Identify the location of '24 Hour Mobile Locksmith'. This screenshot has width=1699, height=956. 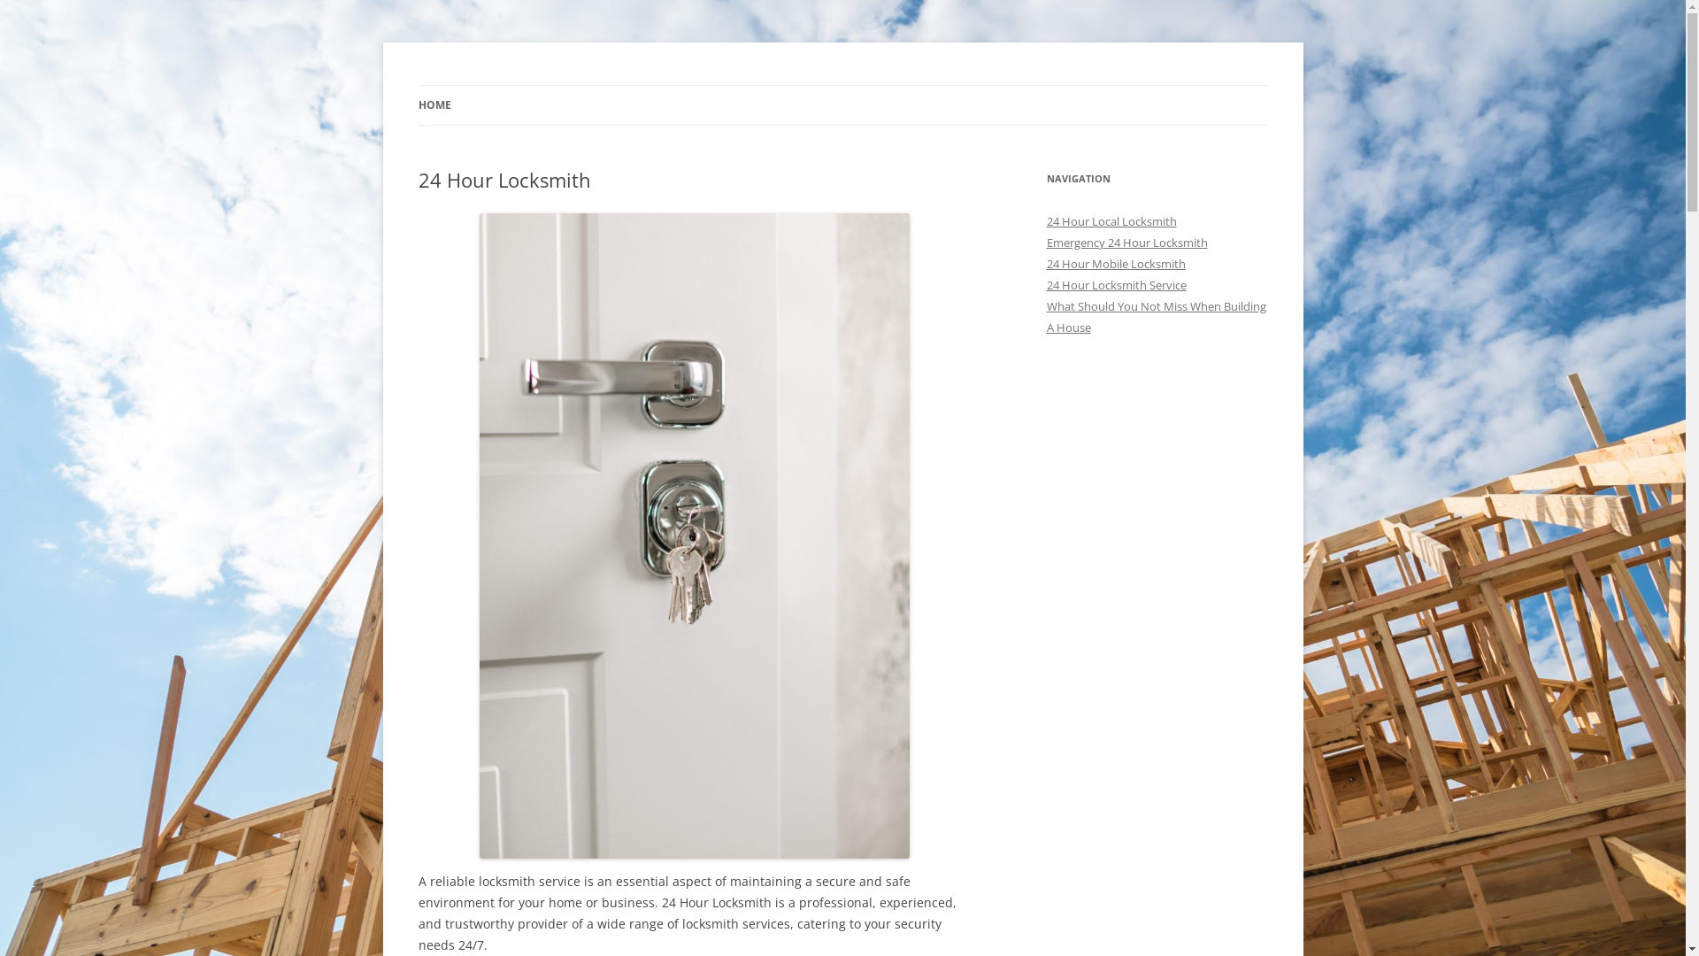
(1114, 263).